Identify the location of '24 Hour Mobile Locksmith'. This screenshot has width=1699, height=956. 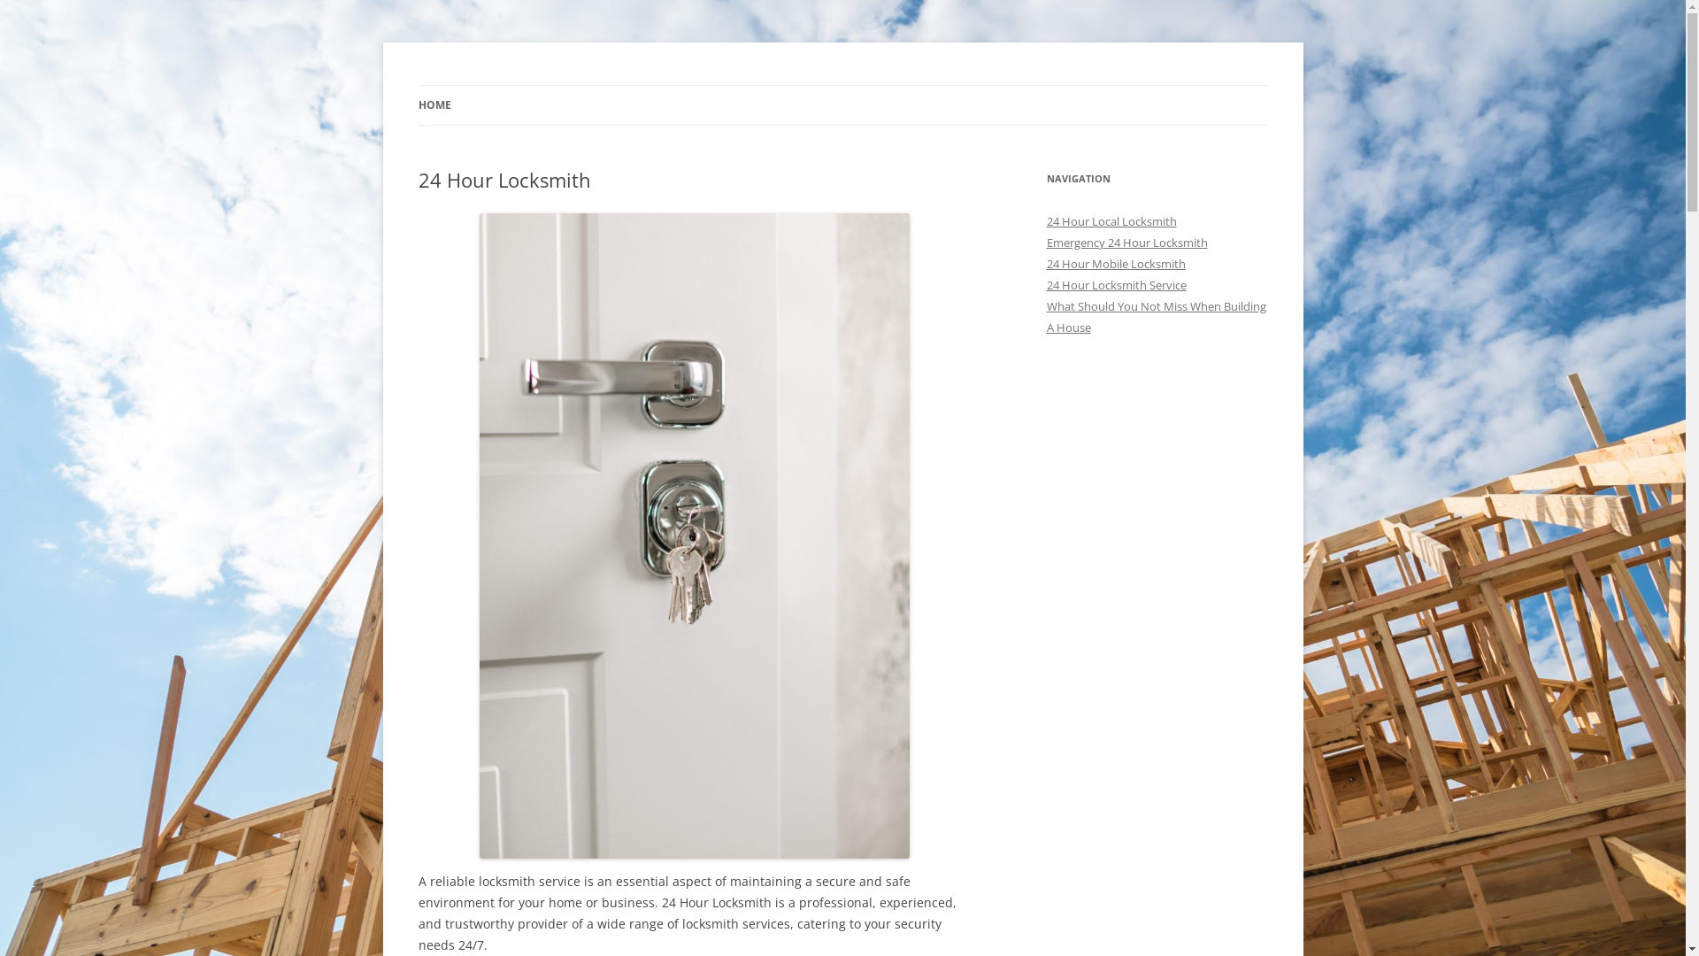
(1114, 263).